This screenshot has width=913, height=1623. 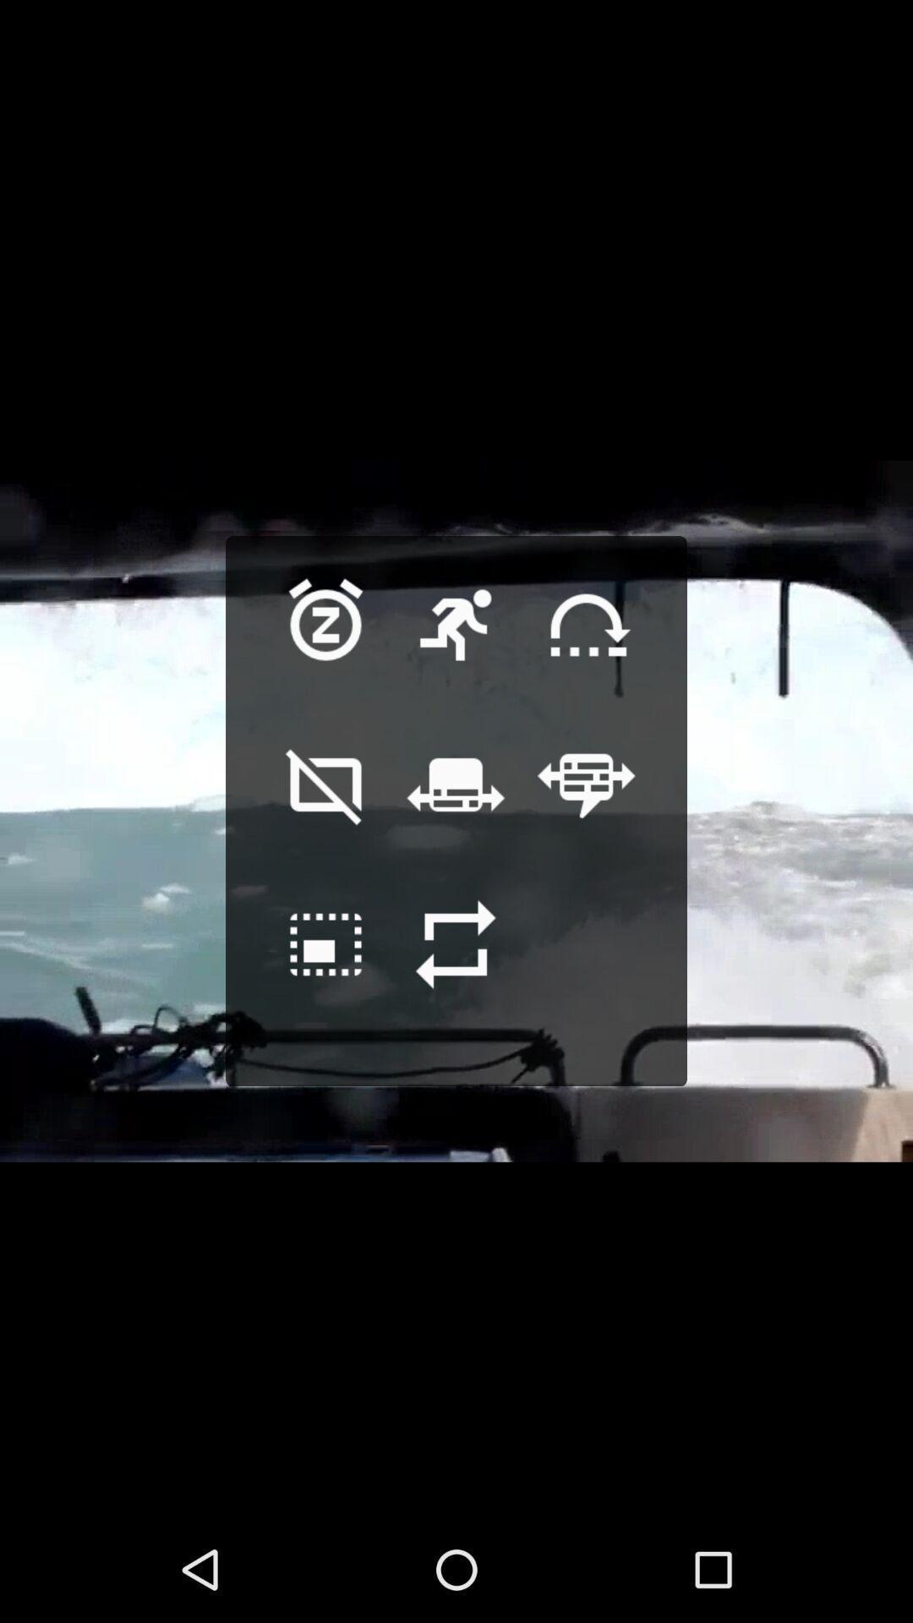 What do you see at coordinates (455, 970) in the screenshot?
I see `repeate button` at bounding box center [455, 970].